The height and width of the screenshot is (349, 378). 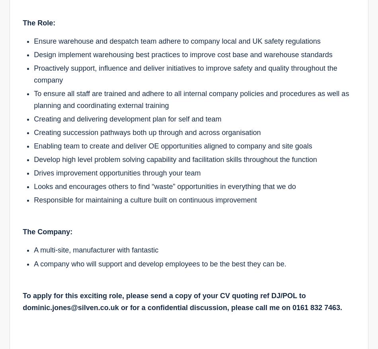 I want to click on 'Drives improvement opportunities through your team', so click(x=117, y=172).